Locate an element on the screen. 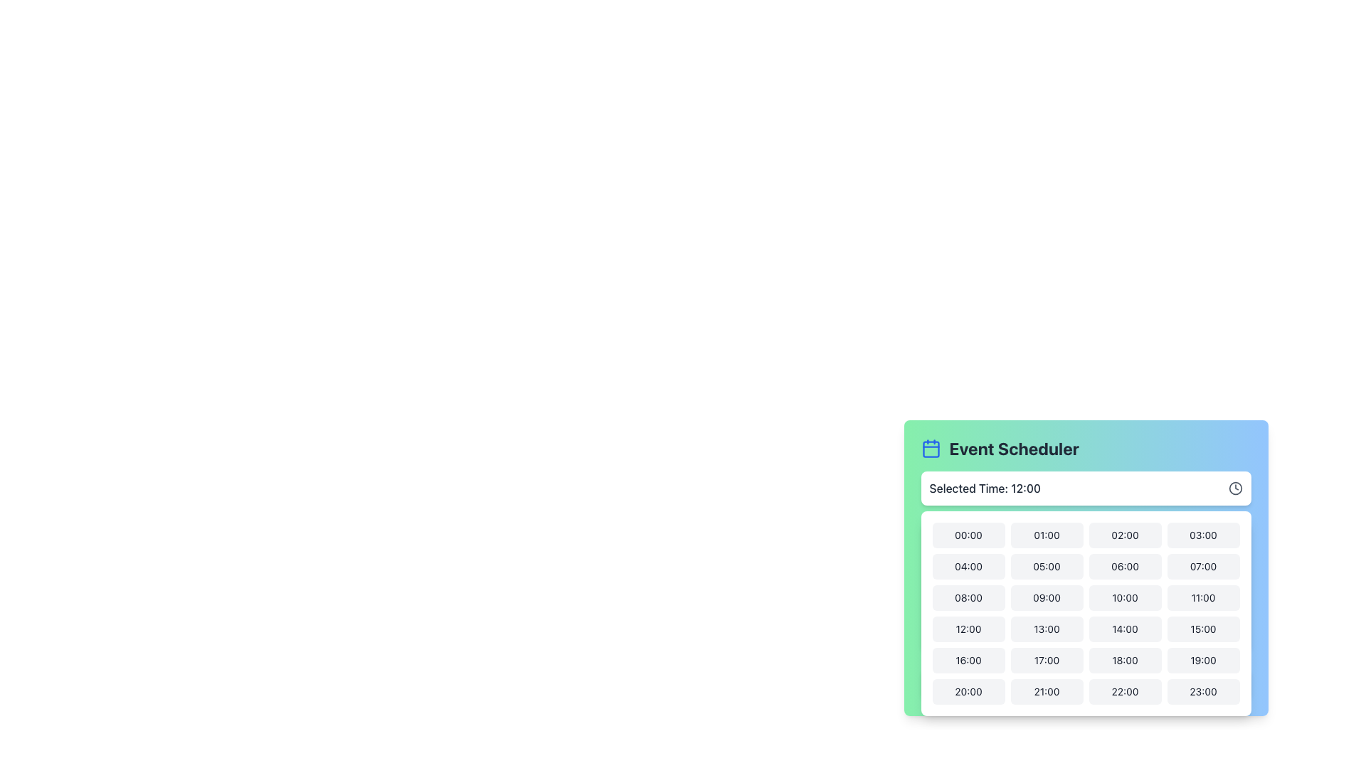 The height and width of the screenshot is (768, 1366). the button displaying '21:00' located in the sixth row and second column of the time picker grid is located at coordinates (1047, 690).